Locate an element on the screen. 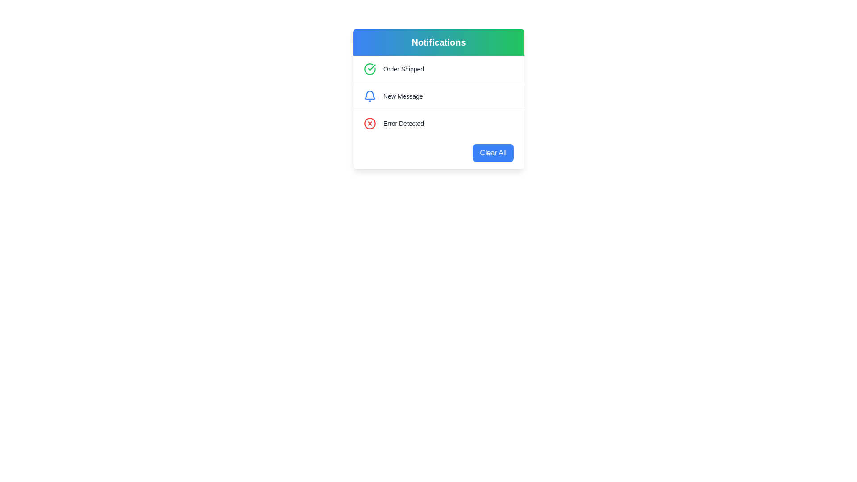 The image size is (857, 482). the circular icon with a green checkmark inside, which indicates a successful action or confirmation, located at the leftmost part of the 'Order Shipped' notification row before the text 'Order Shipped' is located at coordinates (370, 68).